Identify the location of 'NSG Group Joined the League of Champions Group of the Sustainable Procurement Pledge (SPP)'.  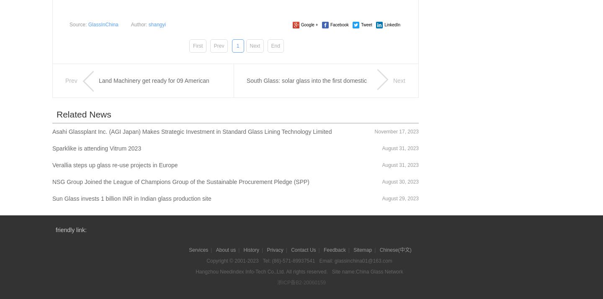
(52, 181).